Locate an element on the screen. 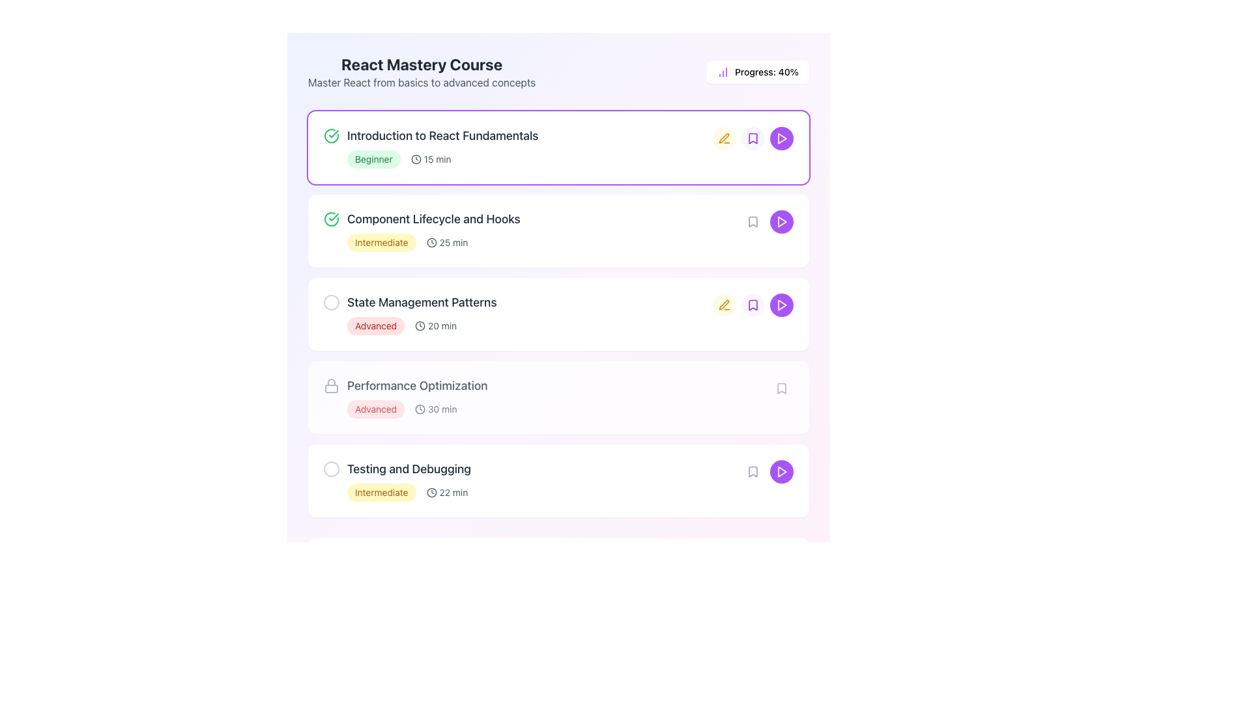 The height and width of the screenshot is (703, 1251). the play button icon with a purple background, located to the right of the text 'Testing and Debugging', to initiate the associated action is located at coordinates (782, 472).